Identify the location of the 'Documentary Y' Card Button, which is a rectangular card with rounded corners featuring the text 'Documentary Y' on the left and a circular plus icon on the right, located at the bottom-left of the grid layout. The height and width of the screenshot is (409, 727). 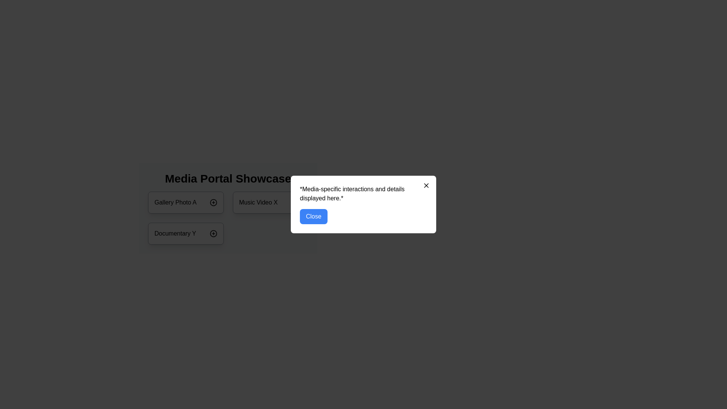
(186, 233).